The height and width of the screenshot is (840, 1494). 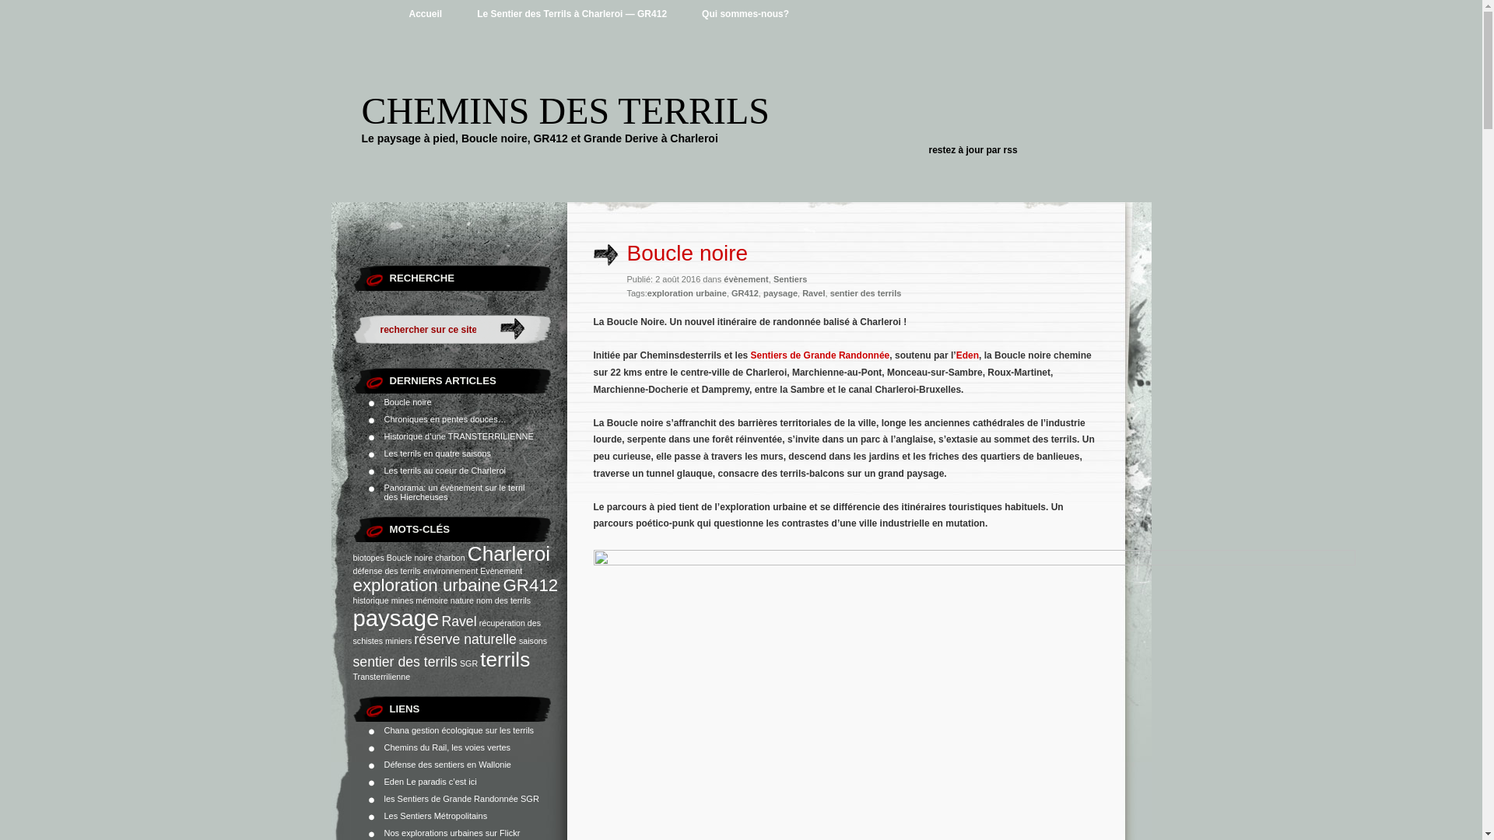 I want to click on 'Nos explorations urbaines', so click(x=433, y=832).